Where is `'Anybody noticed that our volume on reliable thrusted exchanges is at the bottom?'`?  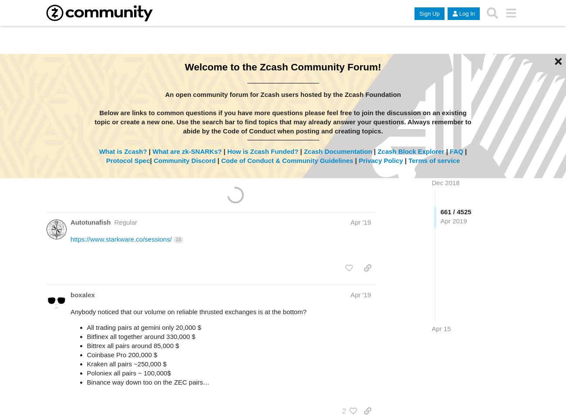 'Anybody noticed that our volume on reliable thrusted exchanges is at the bottom?' is located at coordinates (189, 311).